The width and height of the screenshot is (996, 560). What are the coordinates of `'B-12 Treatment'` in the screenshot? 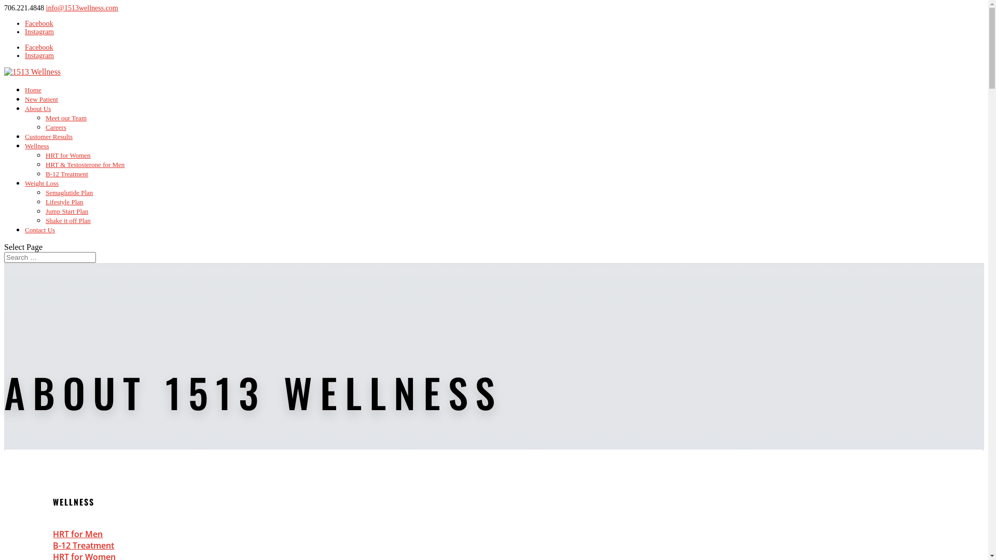 It's located at (66, 173).